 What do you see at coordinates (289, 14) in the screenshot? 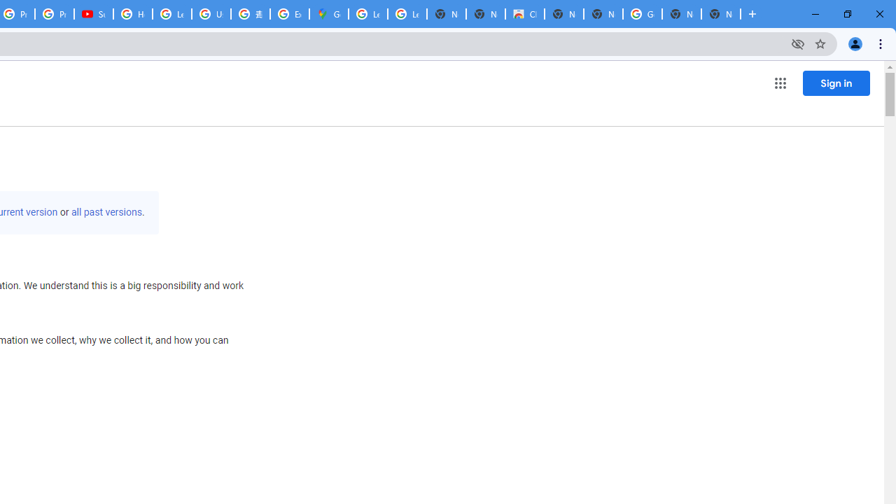
I see `'Explore new street-level details - Google Maps Help'` at bounding box center [289, 14].